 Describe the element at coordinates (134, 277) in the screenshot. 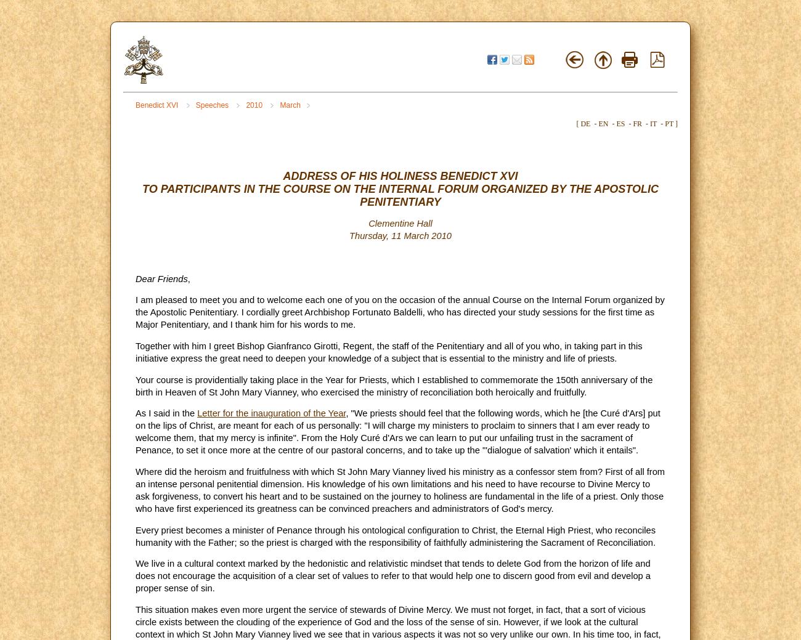

I see `'Dear Friends'` at that location.